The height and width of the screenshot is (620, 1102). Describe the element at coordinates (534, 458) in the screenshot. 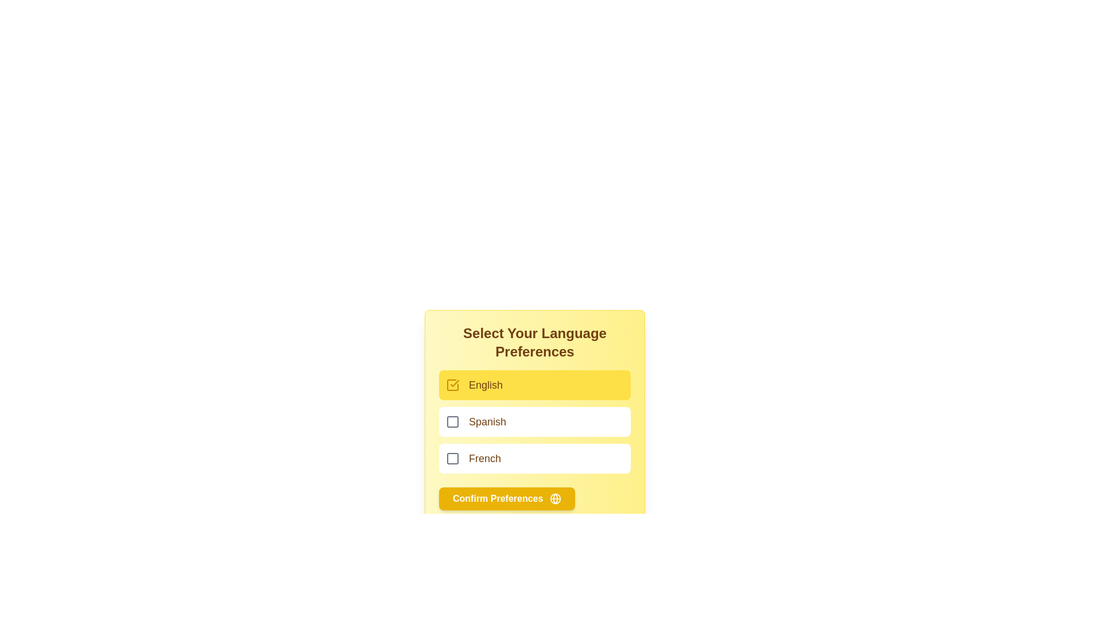

I see `the 'French' language checkbox located within a yellow-themed modal for language selection preferences` at that location.